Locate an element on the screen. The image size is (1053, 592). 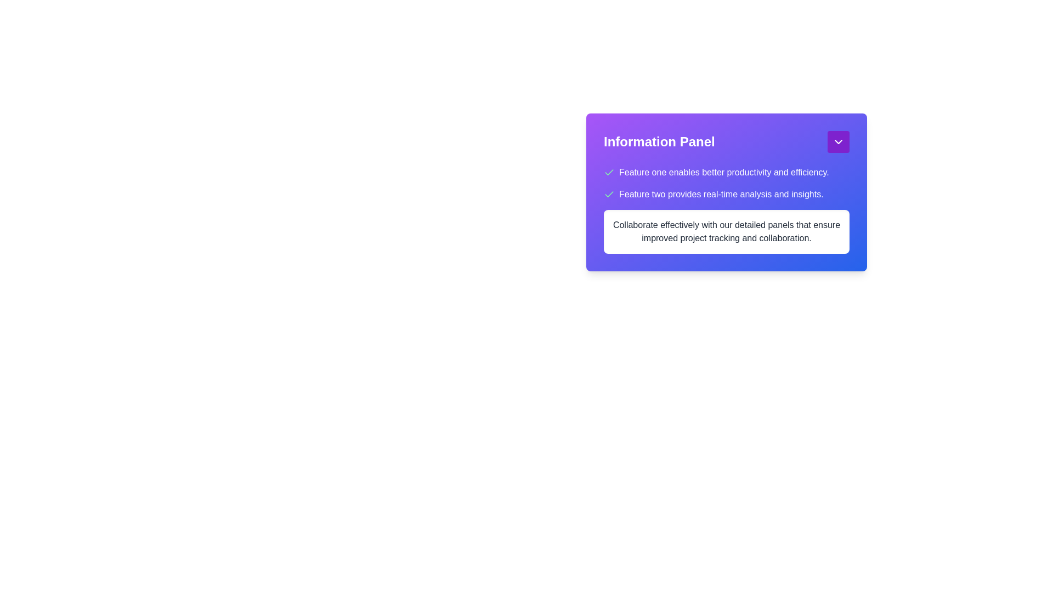
the small green checkmark icon, which indicates a positive or completed status, located adjacent to the text 'Feature one enables better productivity and efficiency.' is located at coordinates (608, 173).